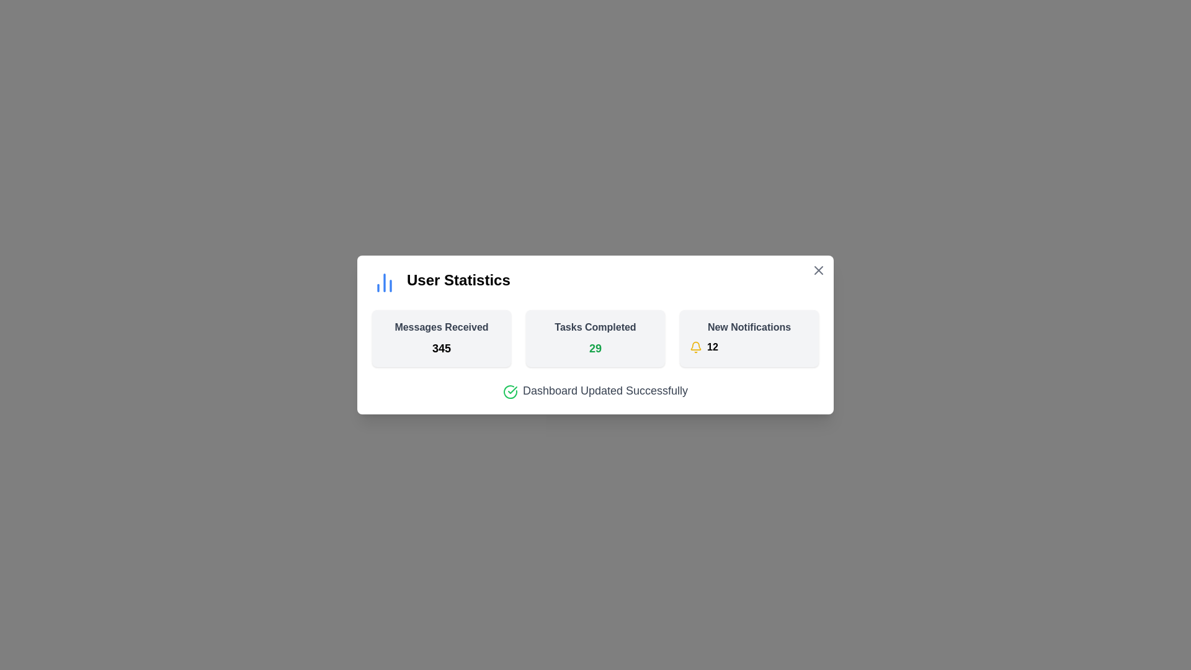 The width and height of the screenshot is (1191, 670). Describe the element at coordinates (510, 391) in the screenshot. I see `the circular green outlined icon with a checkmark indicating a successful operation, located to the left of the text 'Dashboard Updated Successfully'` at that location.